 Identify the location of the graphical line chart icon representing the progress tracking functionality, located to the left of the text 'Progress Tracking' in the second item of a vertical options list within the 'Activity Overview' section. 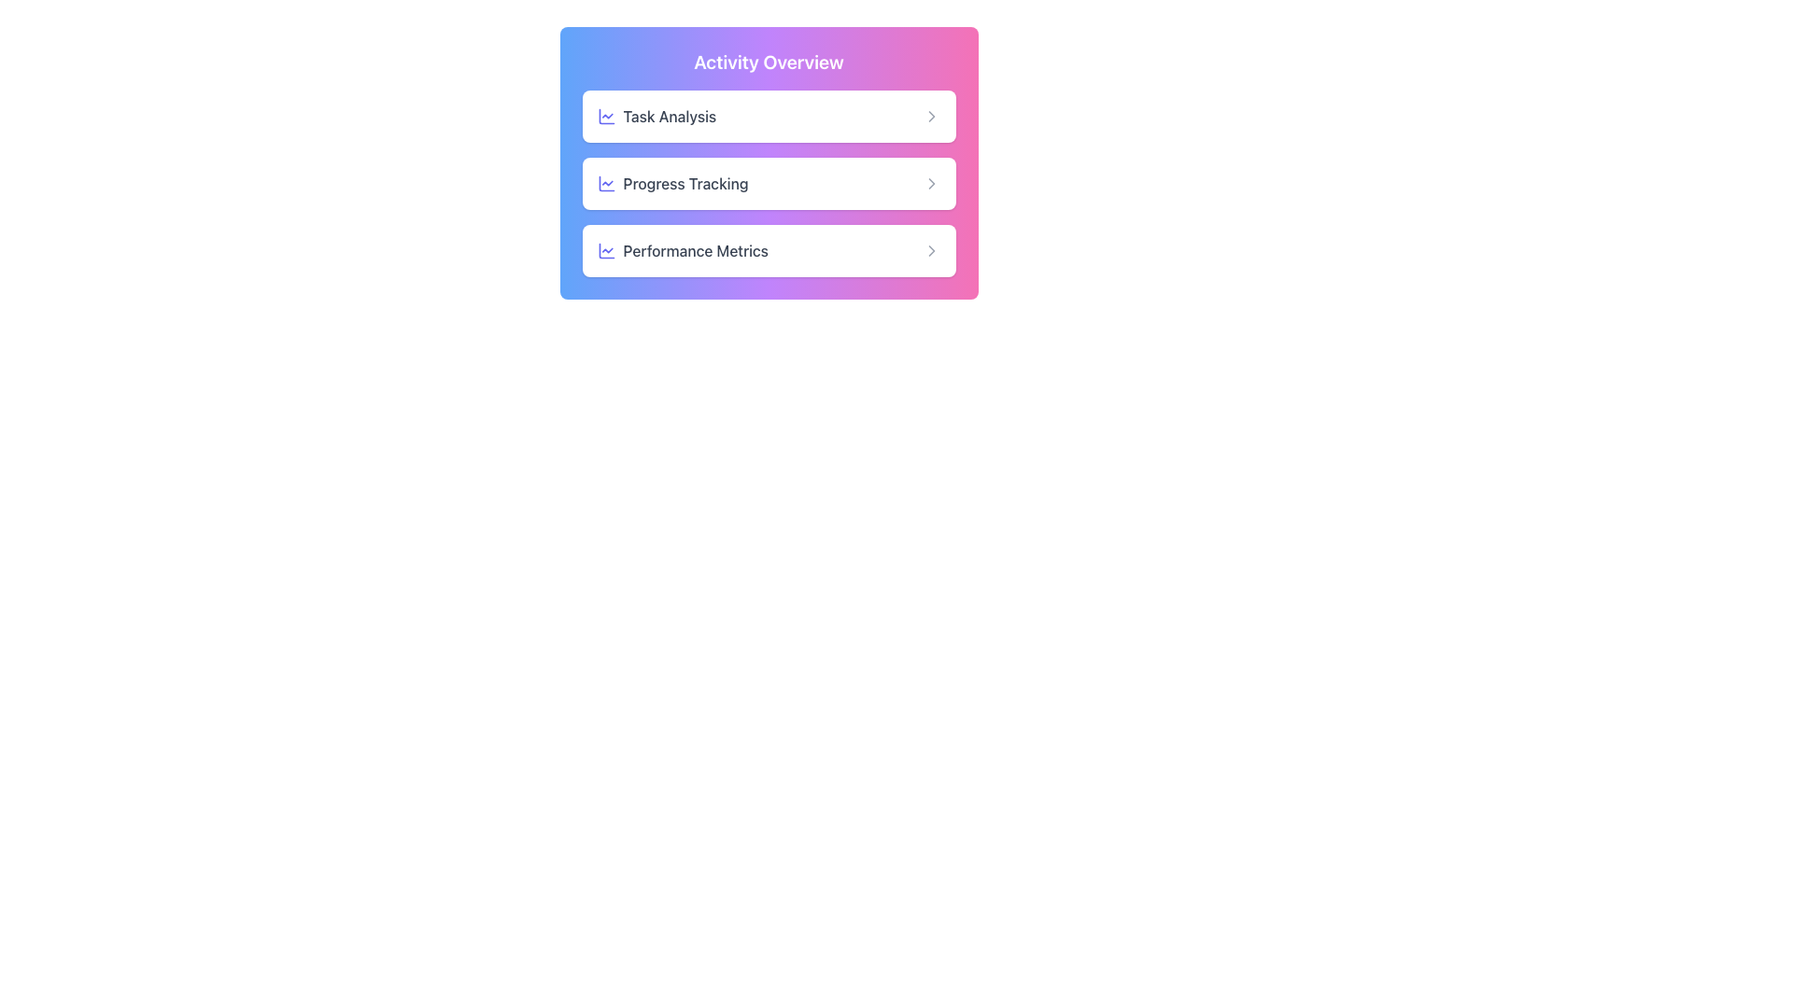
(606, 183).